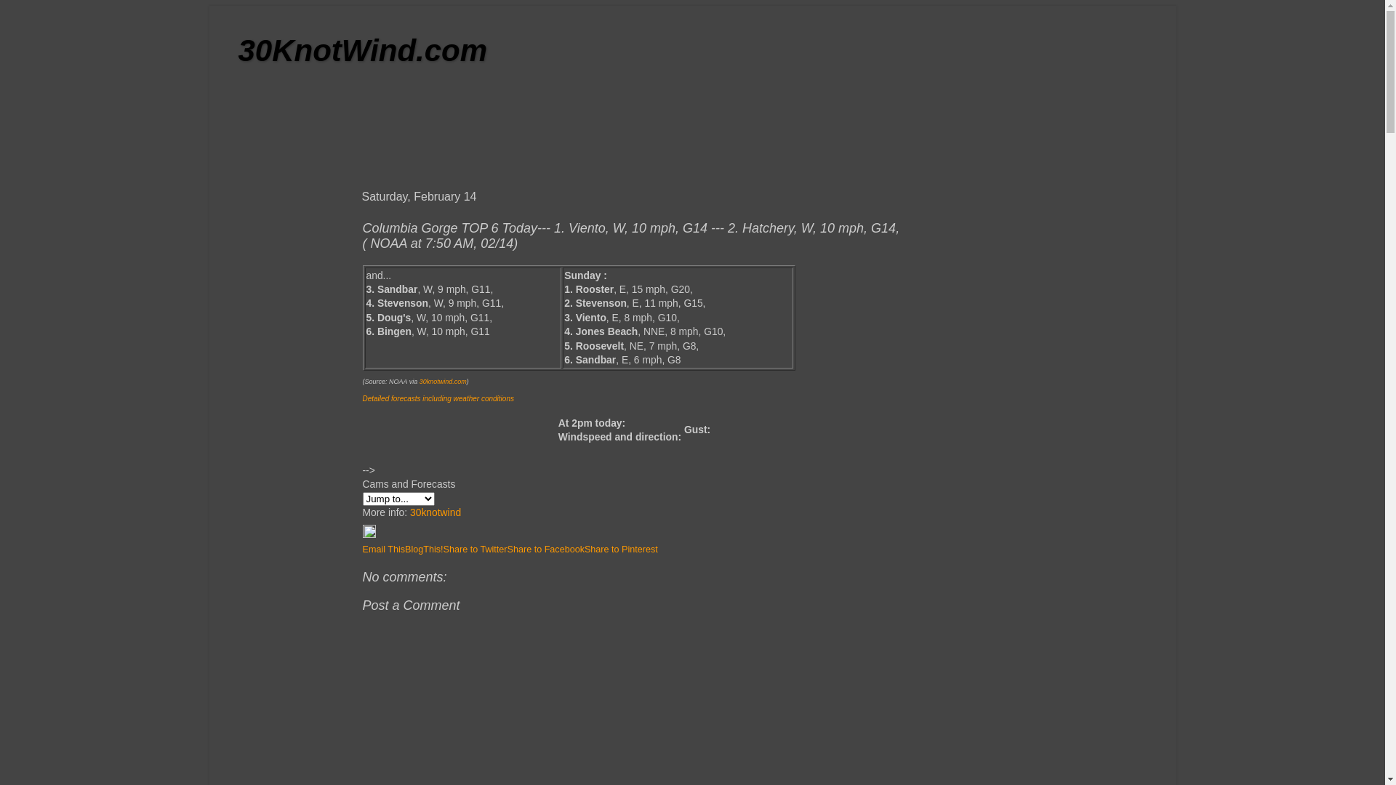 Image resolution: width=1396 pixels, height=785 pixels. What do you see at coordinates (545, 549) in the screenshot?
I see `'Share to Facebook'` at bounding box center [545, 549].